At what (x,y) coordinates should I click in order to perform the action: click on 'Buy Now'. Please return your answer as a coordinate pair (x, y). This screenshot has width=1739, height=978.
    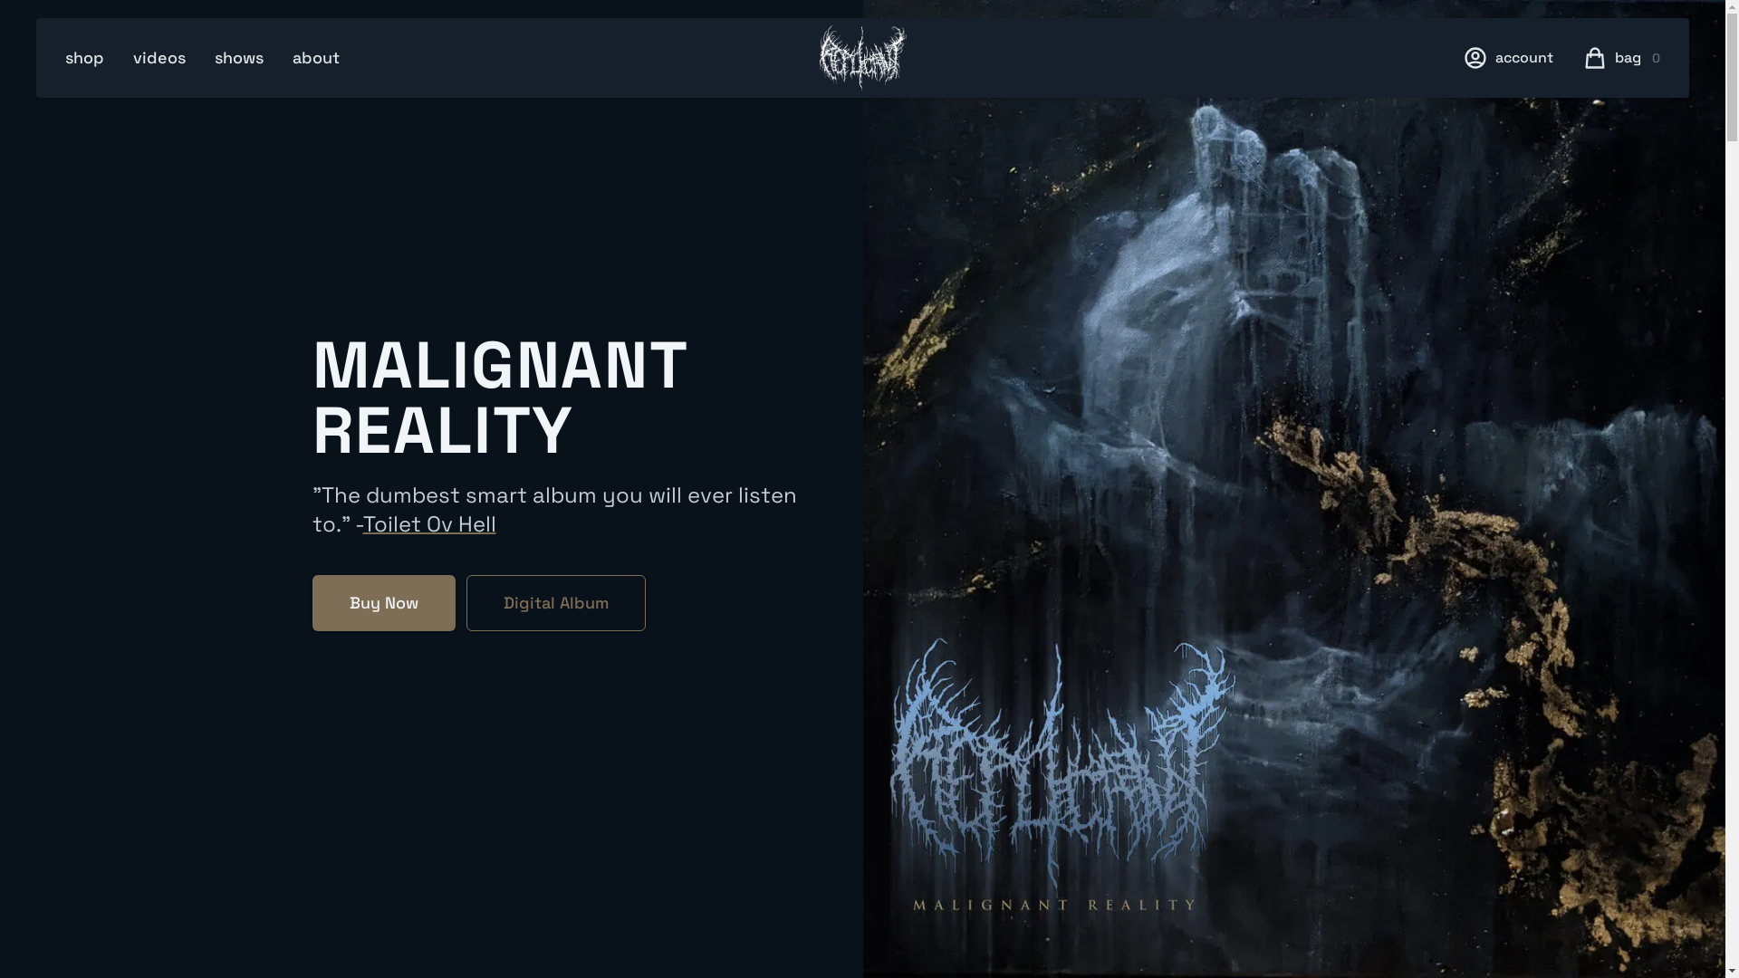
    Looking at the image, I should click on (381, 603).